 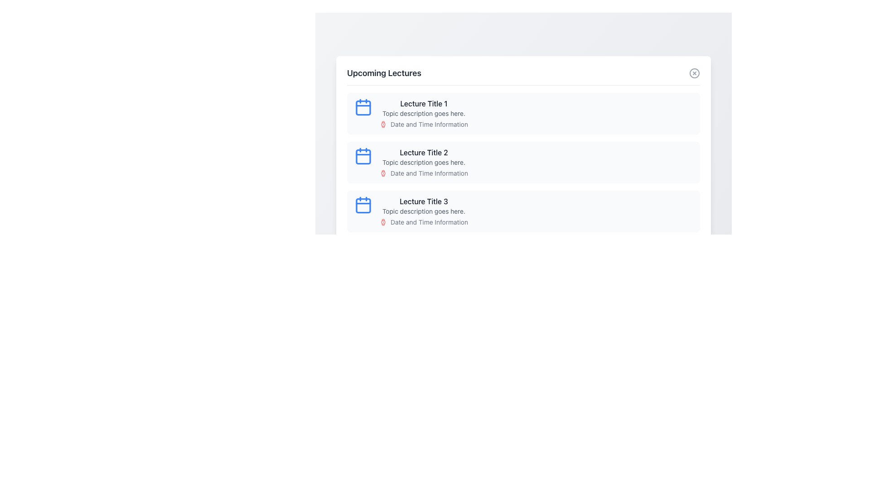 What do you see at coordinates (523, 211) in the screenshot?
I see `the third lecture item in the list, which has a light gray background, a blue calendar icon, the header 'Lecture Title 3', and a footer with a red clock icon` at bounding box center [523, 211].